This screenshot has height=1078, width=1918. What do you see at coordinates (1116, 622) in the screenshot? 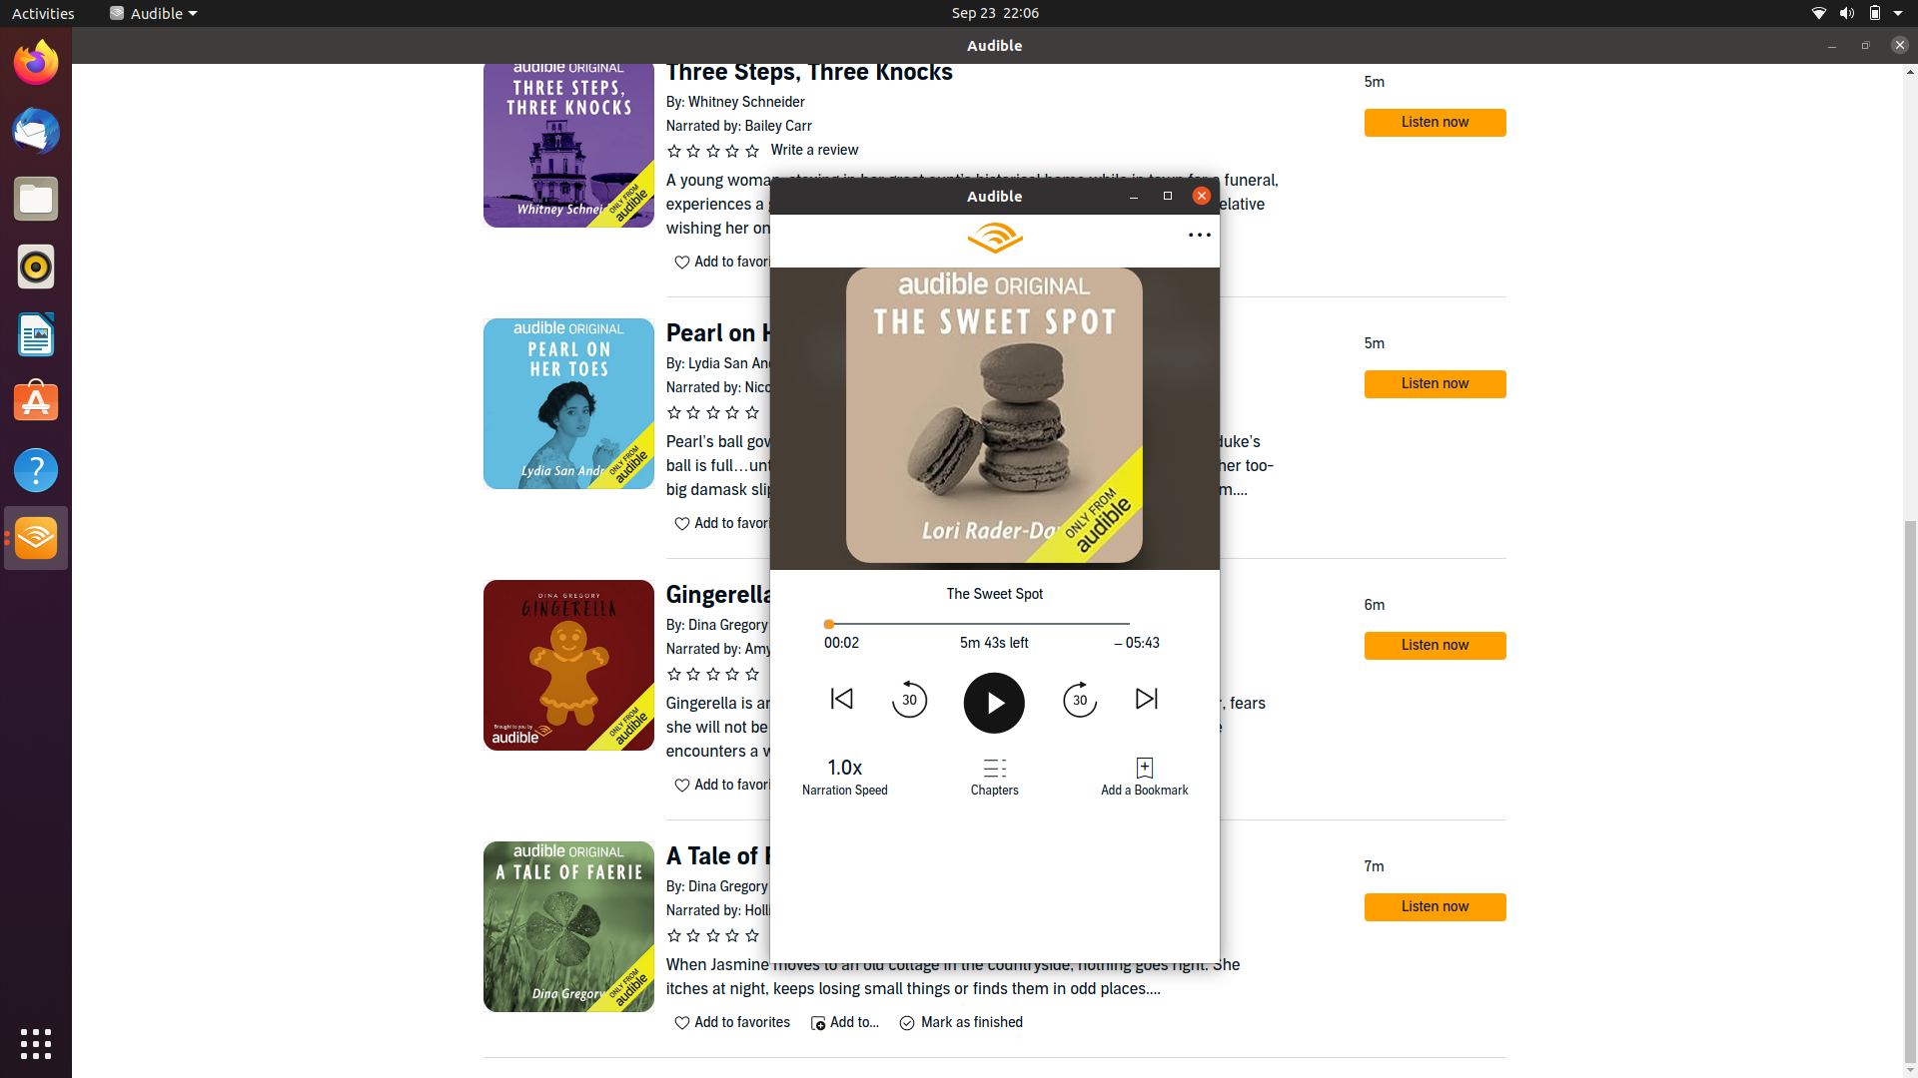
I see `Move to the last part of the book` at bounding box center [1116, 622].